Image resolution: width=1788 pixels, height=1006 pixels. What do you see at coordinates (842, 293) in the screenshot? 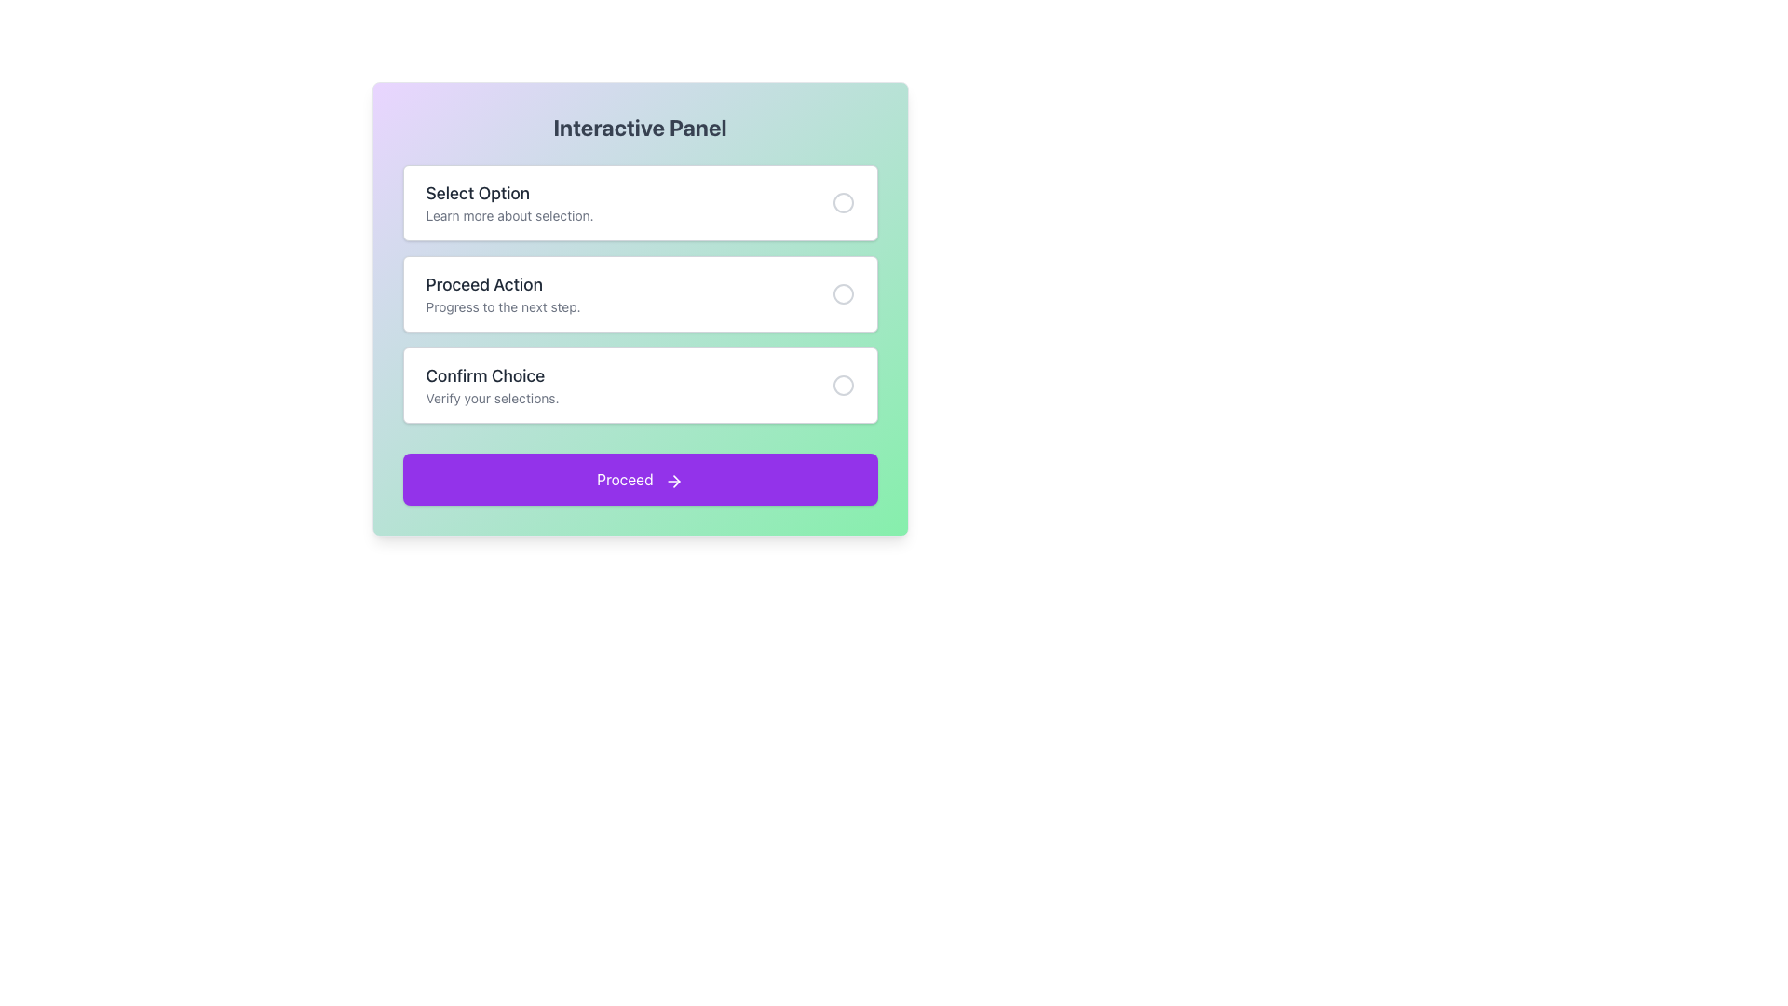
I see `the SVG circle icon with a faint gray stroke color located in the rightmost part of the 'Proceed Action' section of the 'Interactive Panel'` at bounding box center [842, 293].